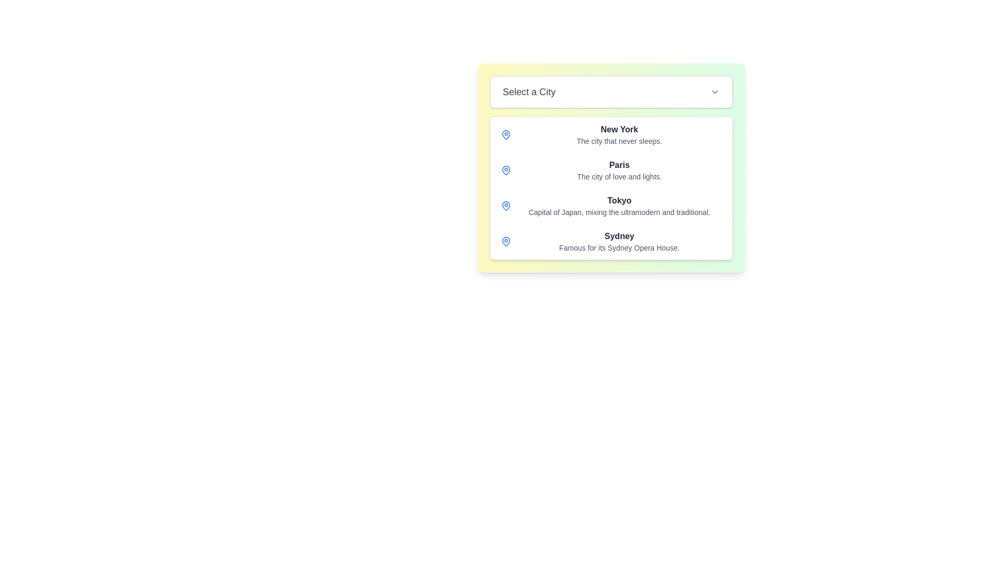 The image size is (1005, 565). I want to click on the topmost map pin icon representing the city 'New York' in the dropdown interface, so click(506, 134).